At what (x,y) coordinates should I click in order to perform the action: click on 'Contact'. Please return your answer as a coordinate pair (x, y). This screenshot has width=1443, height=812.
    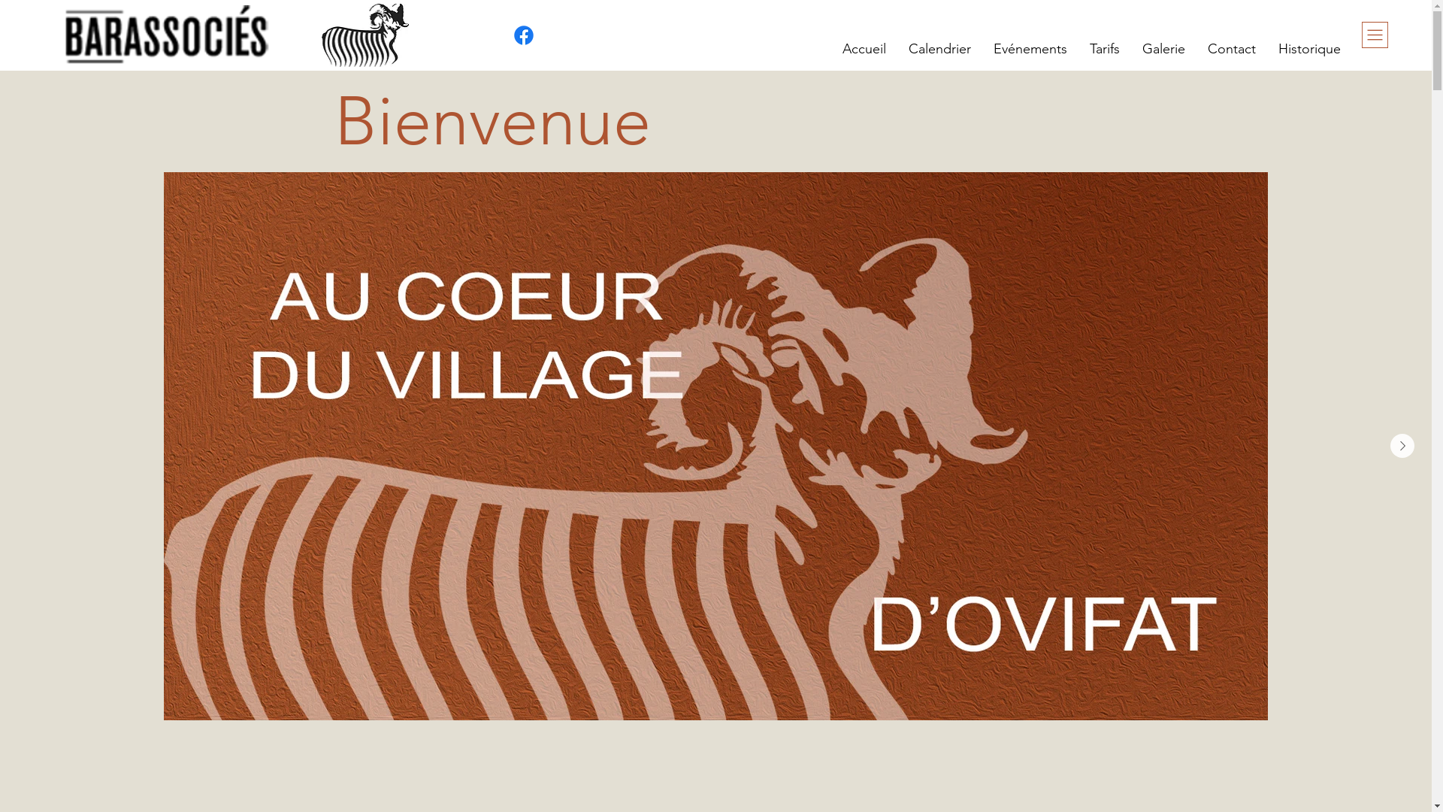
    Looking at the image, I should click on (1231, 48).